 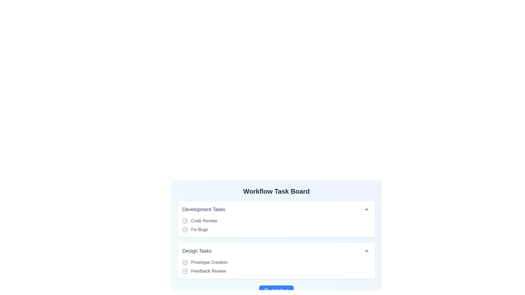 I want to click on the Vector graphic icon representing status in the 'Design Tasks' section of the 'Workflow Task Board' as part of the interface, so click(x=185, y=271).